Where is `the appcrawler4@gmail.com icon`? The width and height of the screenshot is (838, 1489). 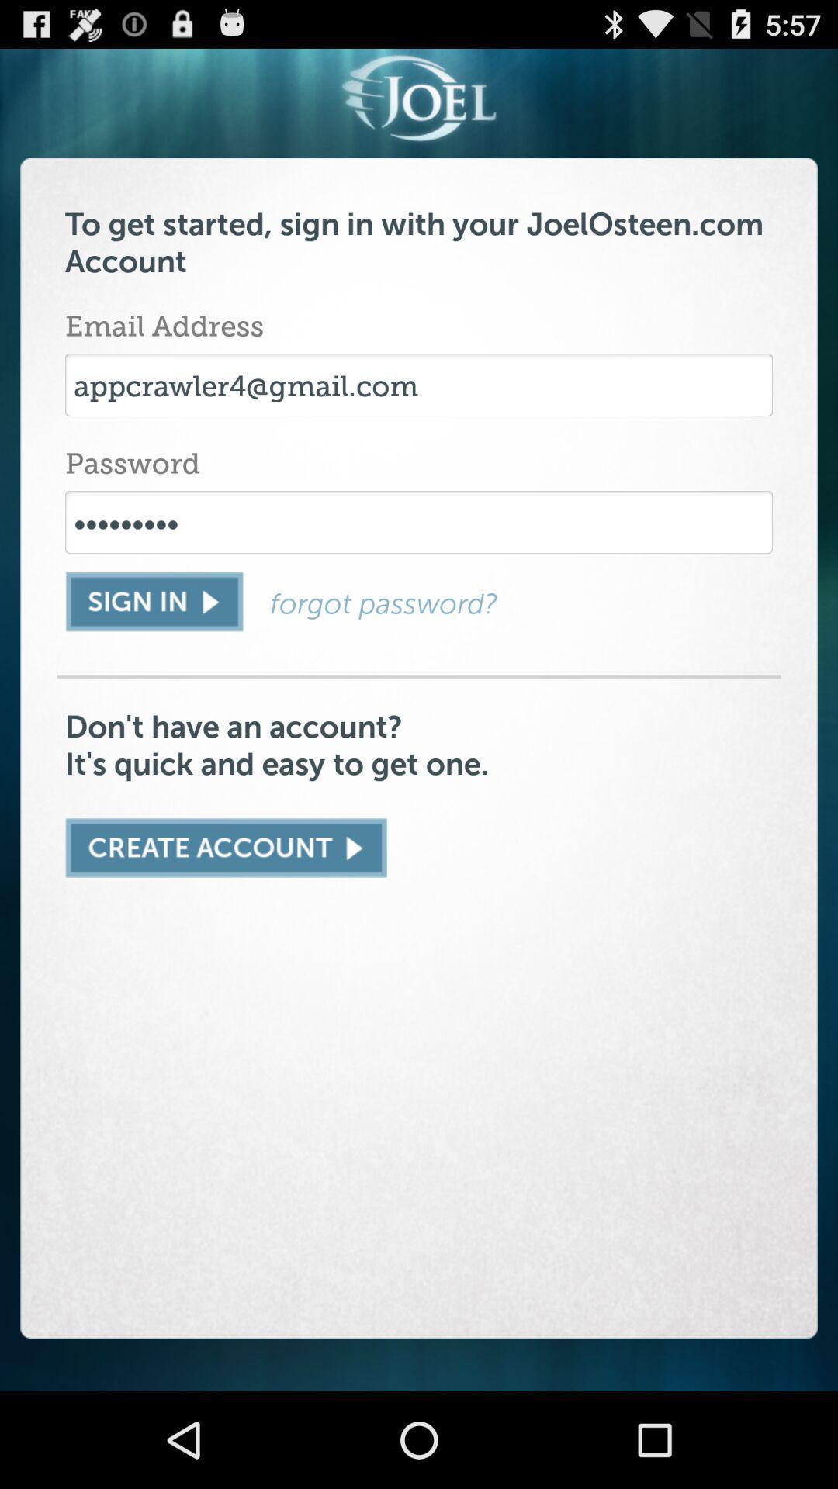 the appcrawler4@gmail.com icon is located at coordinates (419, 385).